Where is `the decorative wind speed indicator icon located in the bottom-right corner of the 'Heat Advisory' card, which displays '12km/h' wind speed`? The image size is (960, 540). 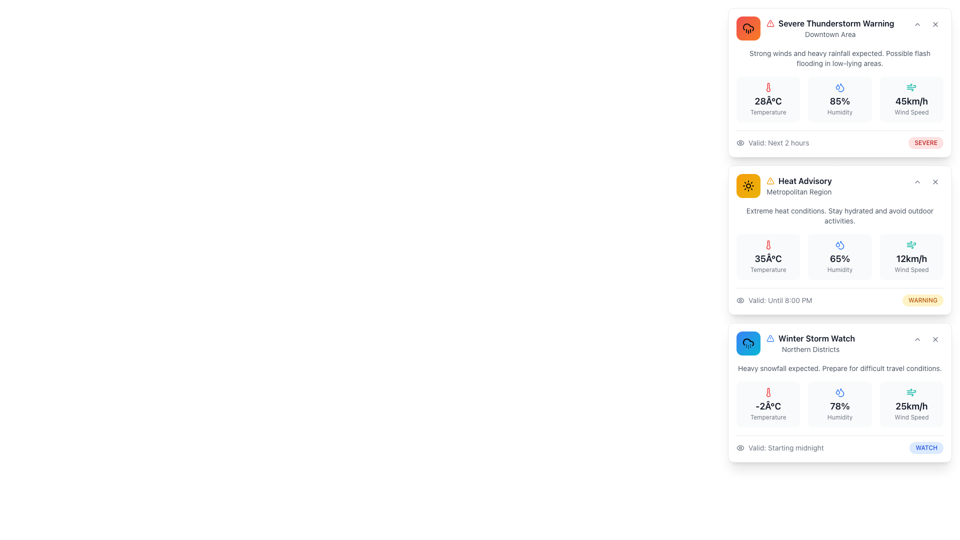
the decorative wind speed indicator icon located in the bottom-right corner of the 'Heat Advisory' card, which displays '12km/h' wind speed is located at coordinates (911, 244).